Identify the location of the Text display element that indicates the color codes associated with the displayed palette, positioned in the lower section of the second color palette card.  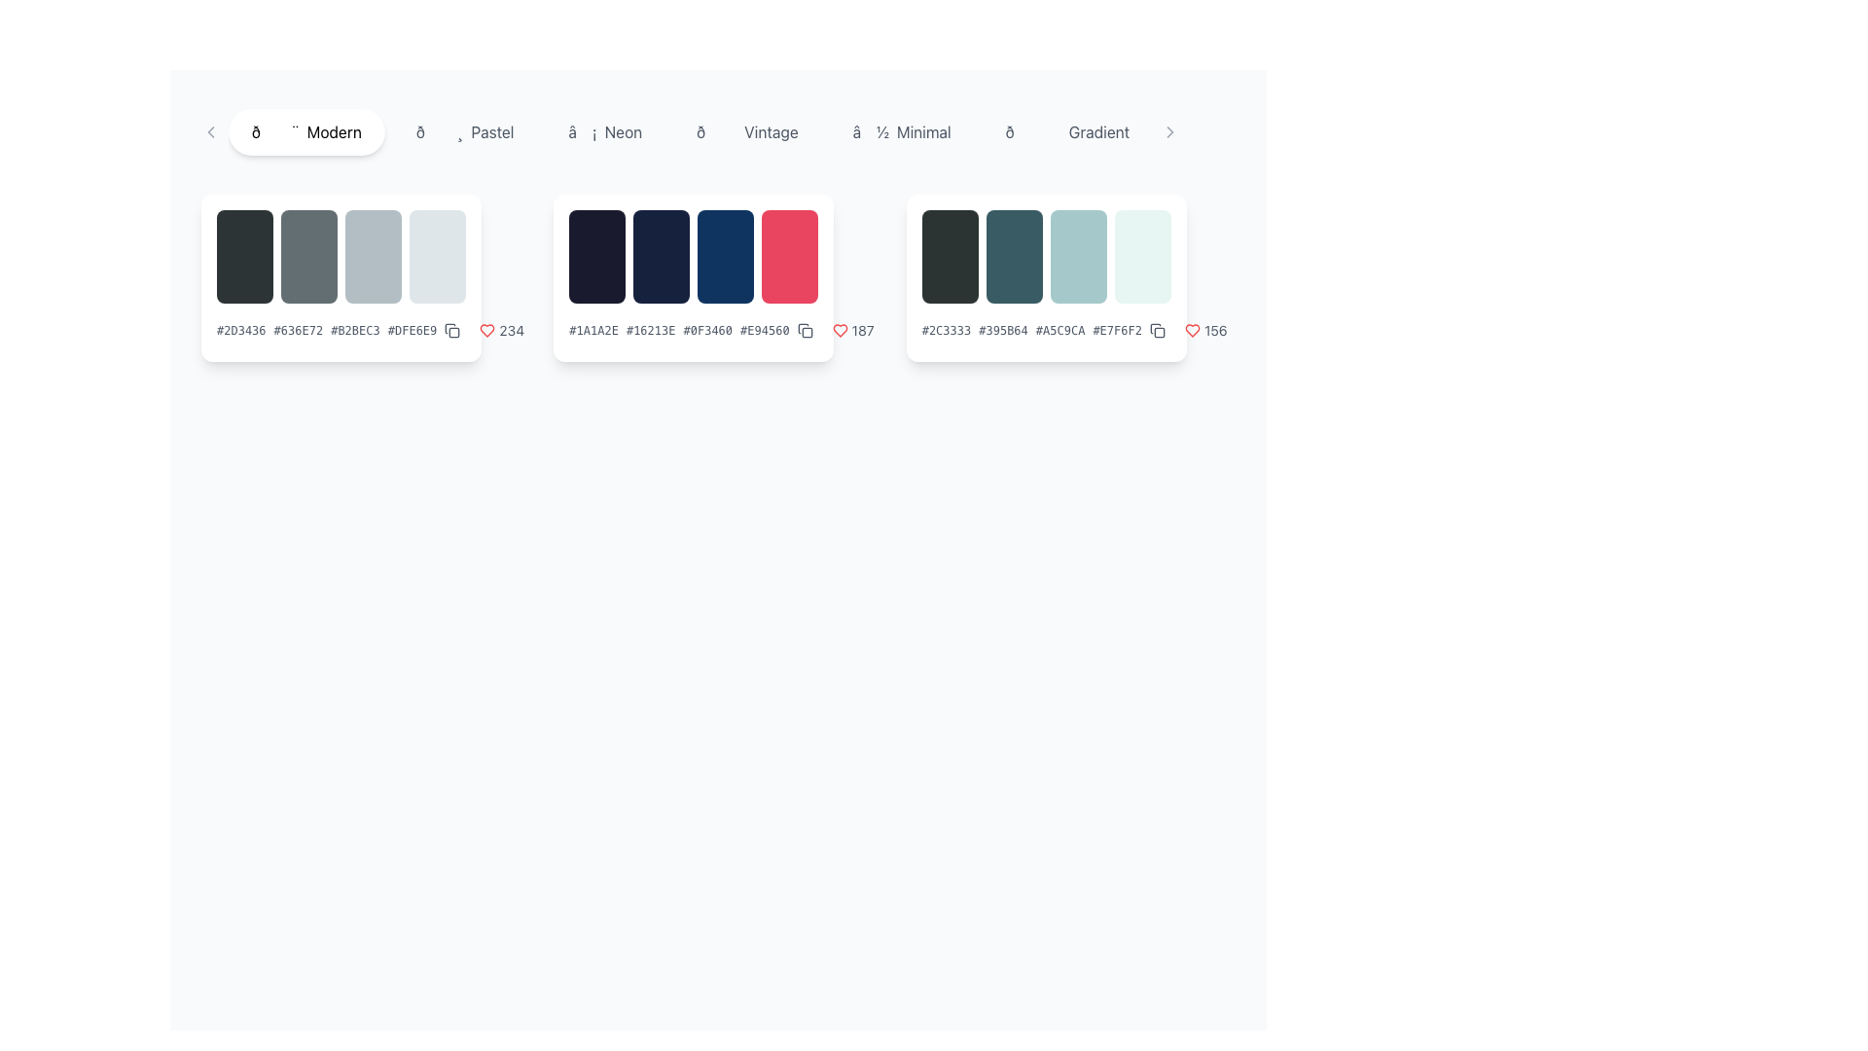
(694, 329).